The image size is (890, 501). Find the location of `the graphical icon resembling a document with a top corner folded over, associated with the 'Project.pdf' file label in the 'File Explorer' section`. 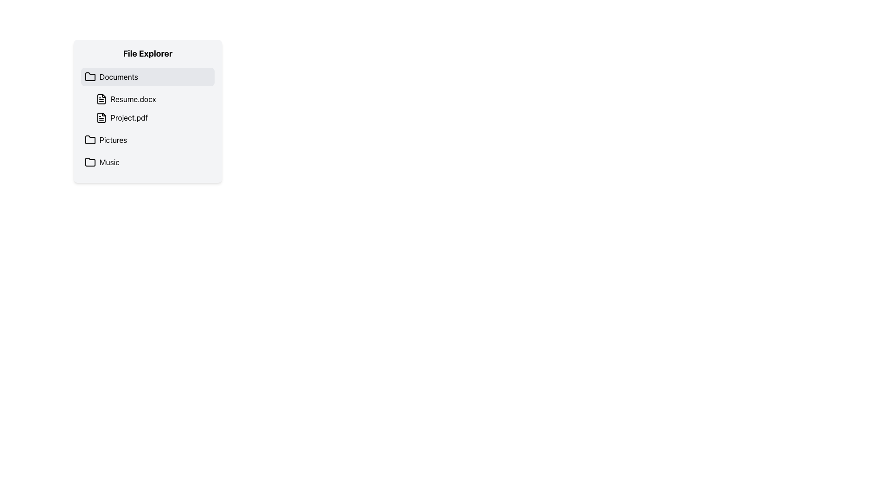

the graphical icon resembling a document with a top corner folded over, associated with the 'Project.pdf' file label in the 'File Explorer' section is located at coordinates (102, 117).